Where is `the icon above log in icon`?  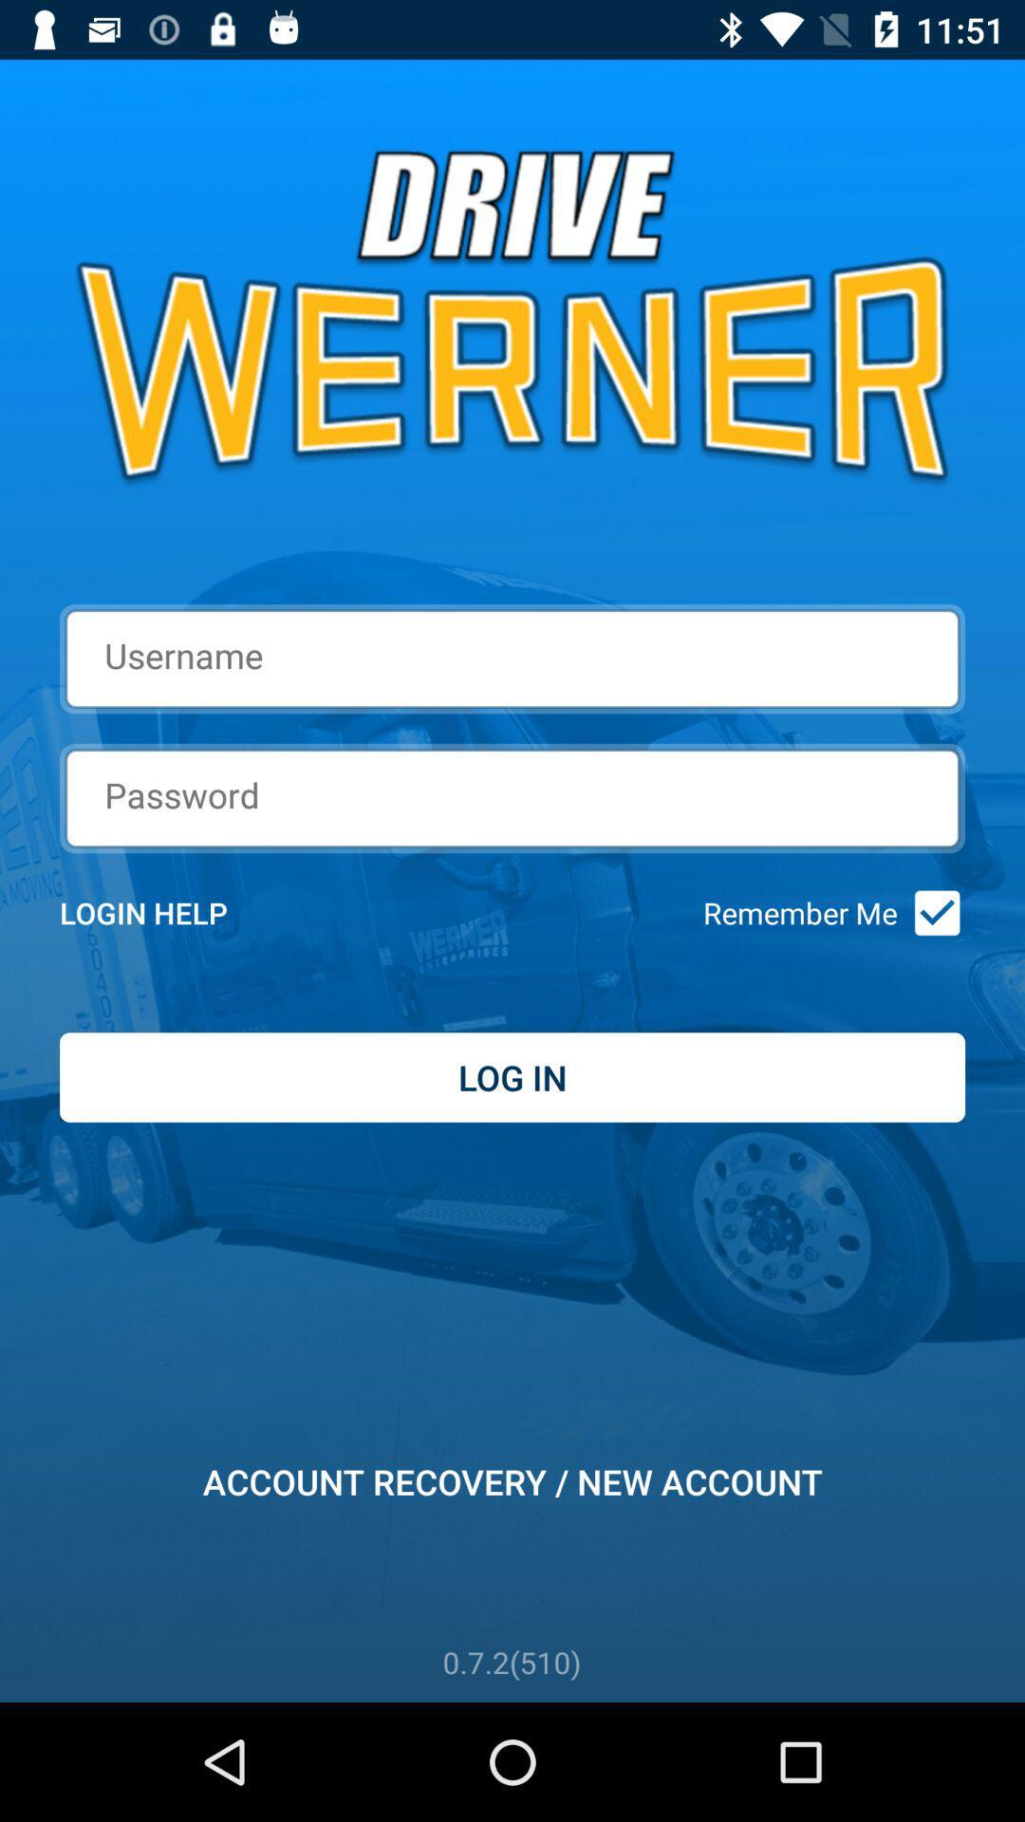
the icon above log in icon is located at coordinates (930, 913).